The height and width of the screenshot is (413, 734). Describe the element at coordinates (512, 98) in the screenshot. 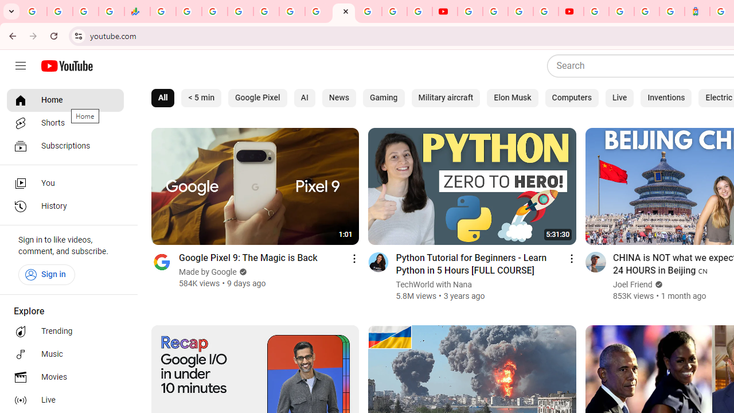

I see `'Elon Musk'` at that location.